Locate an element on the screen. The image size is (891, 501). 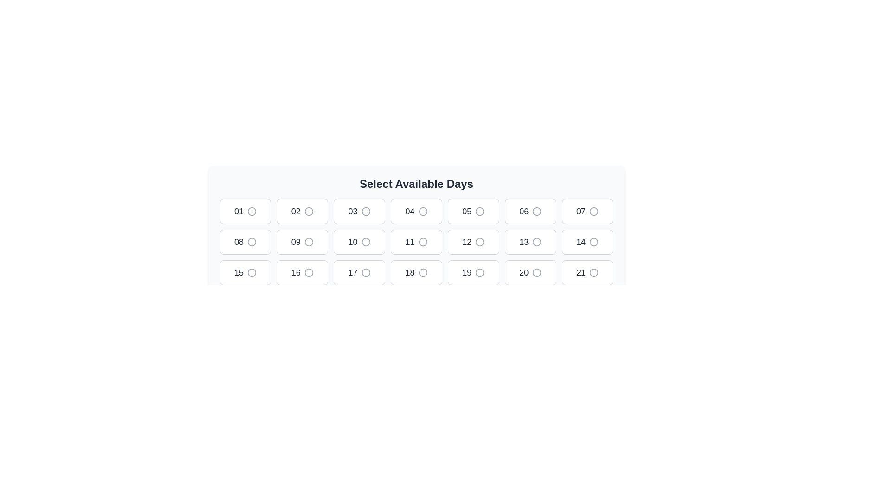
the selectable button representing the number '18' located in the third row, fourth column of the grid layout is located at coordinates (416, 272).